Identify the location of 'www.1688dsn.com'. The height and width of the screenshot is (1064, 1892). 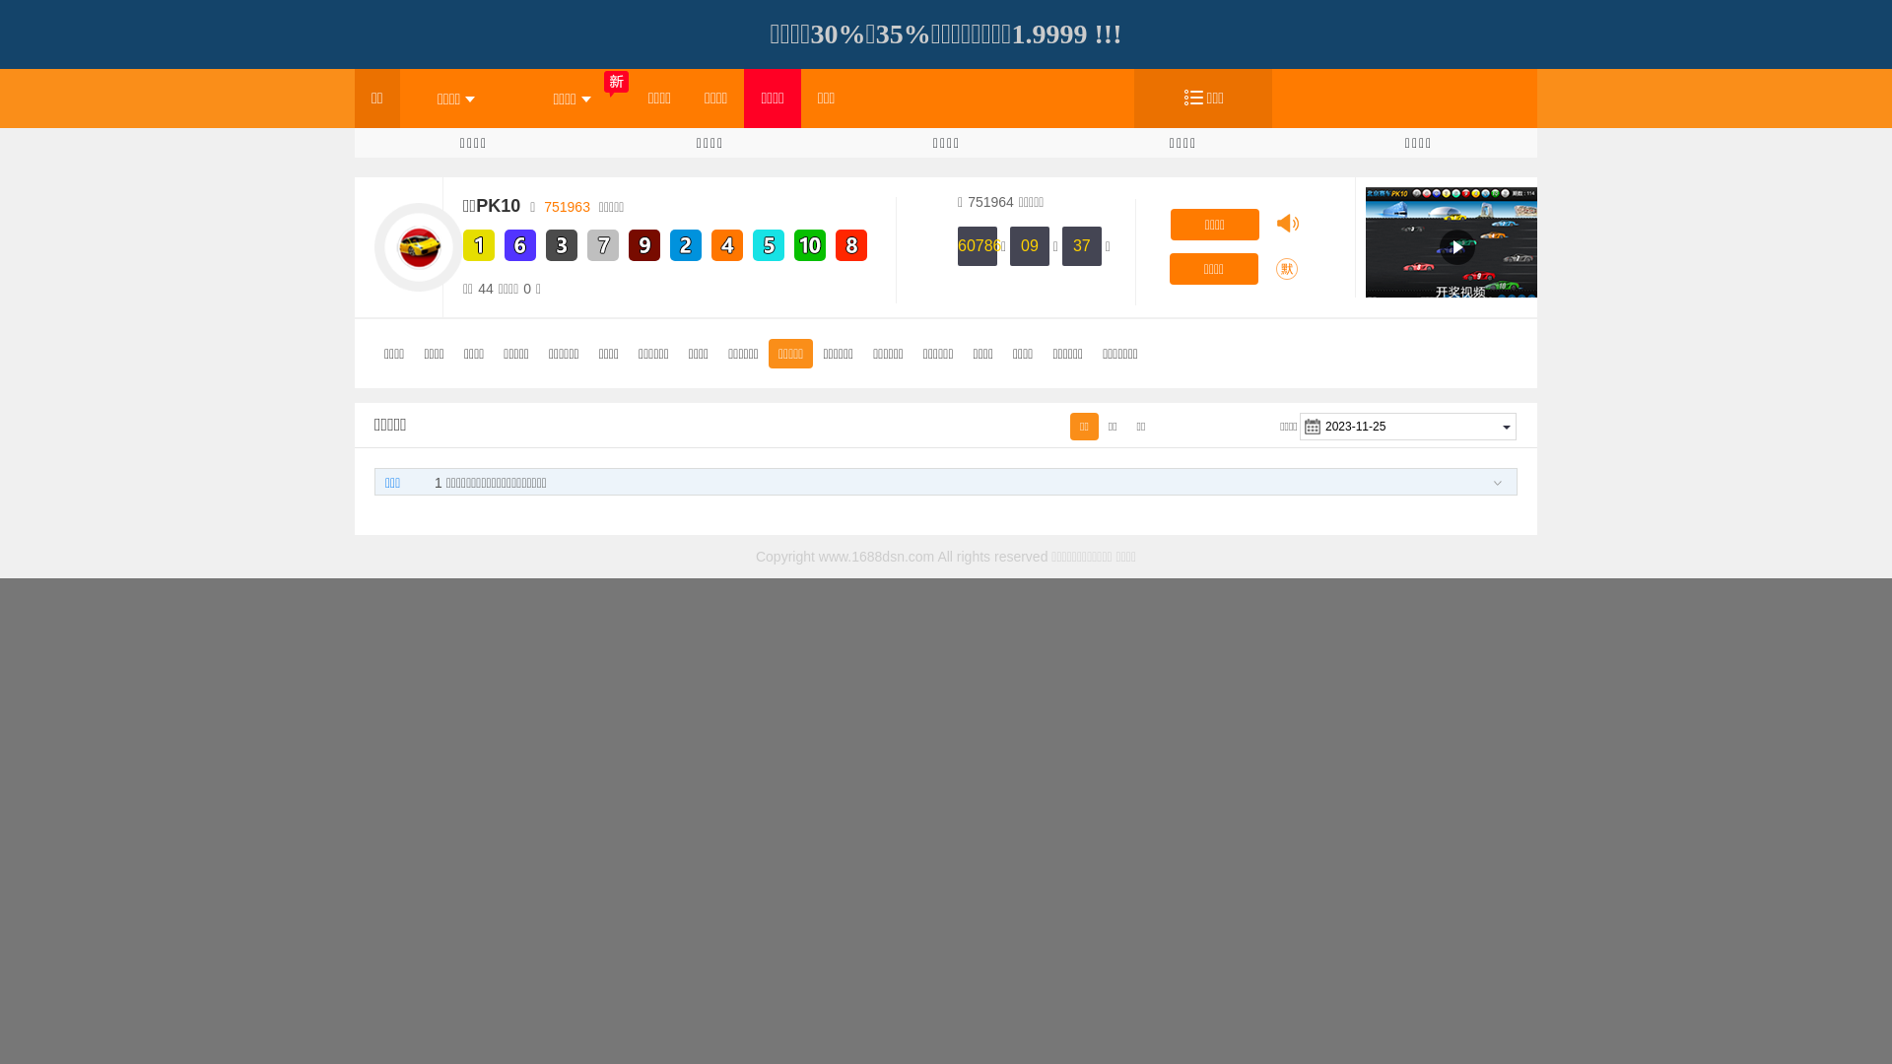
(818, 556).